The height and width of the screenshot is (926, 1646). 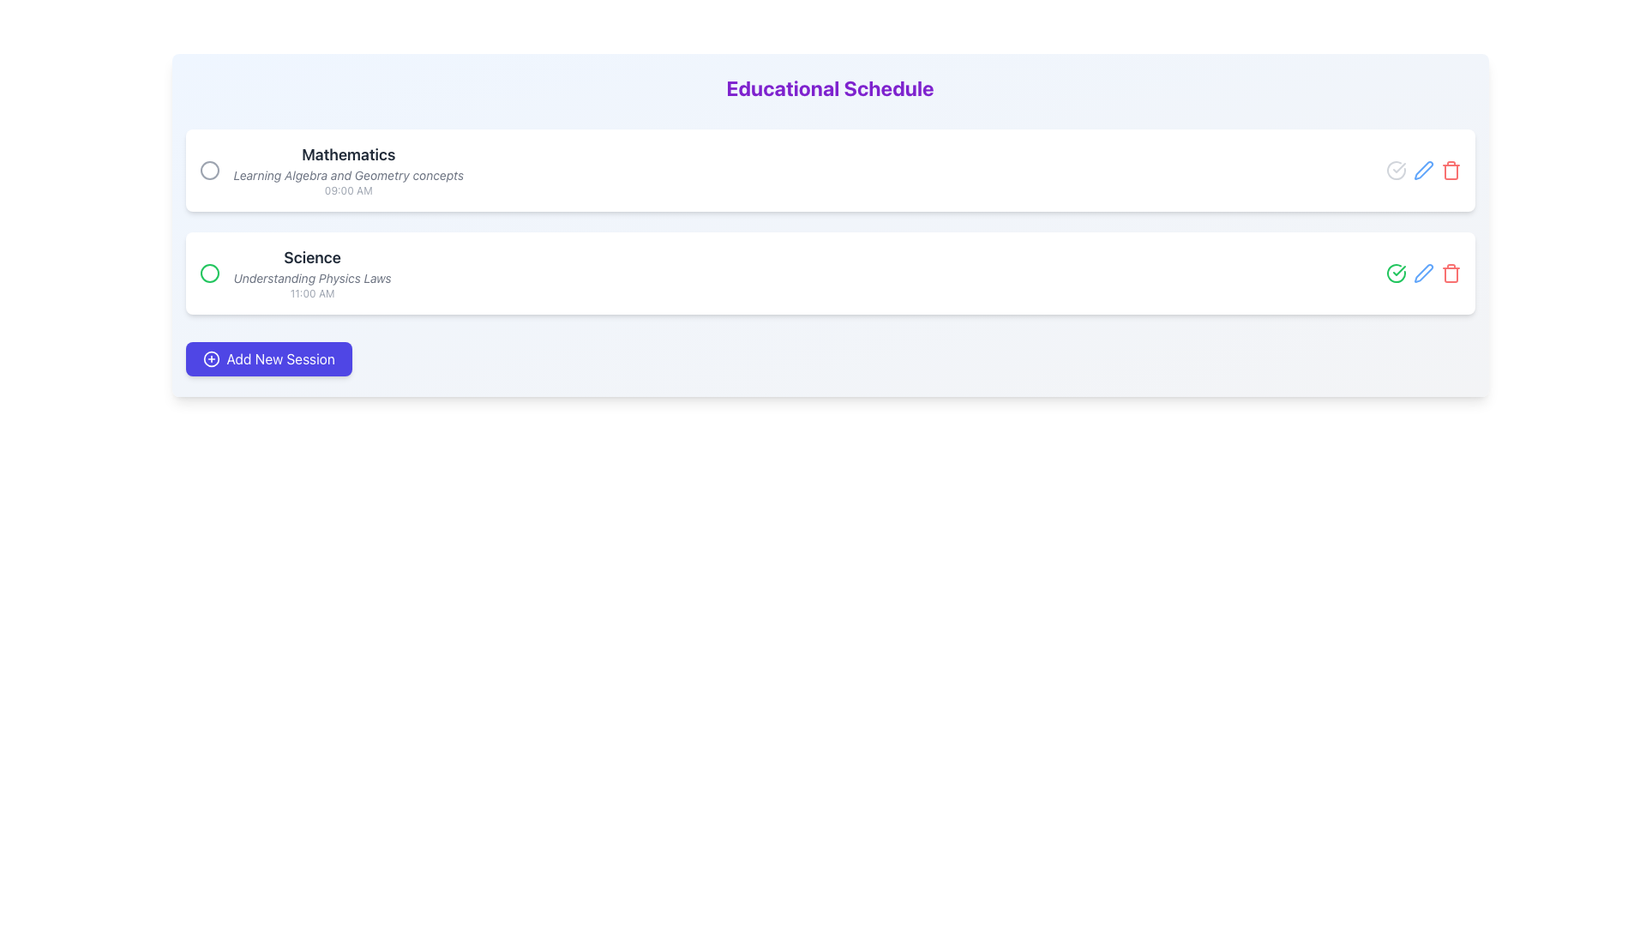 What do you see at coordinates (1399, 168) in the screenshot?
I see `the graphical icon indicating the completion status of the 'Science' session` at bounding box center [1399, 168].